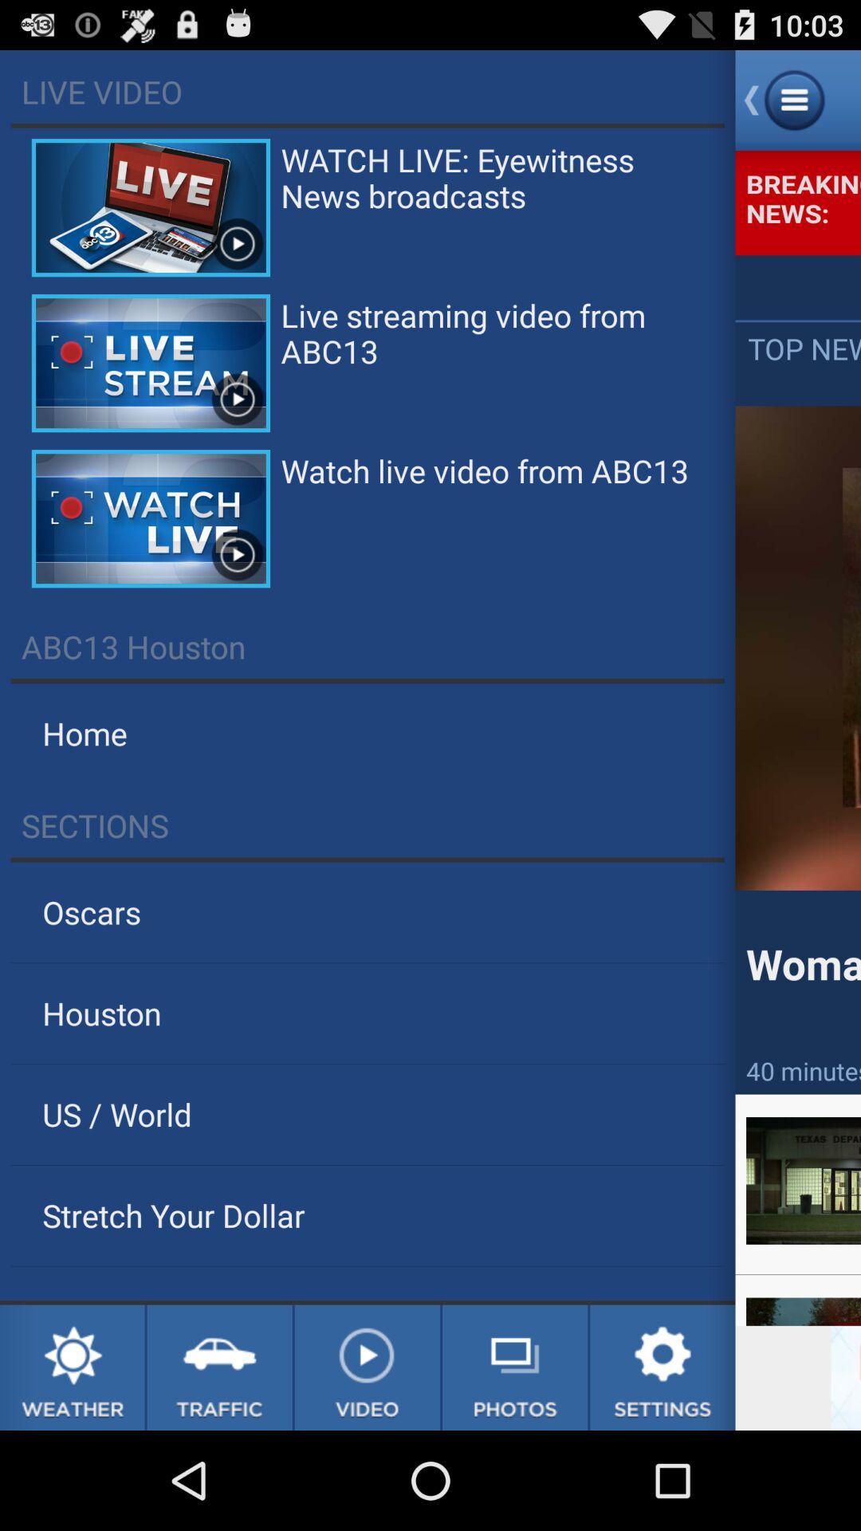 The height and width of the screenshot is (1531, 861). What do you see at coordinates (151, 207) in the screenshot?
I see `the first video of the page` at bounding box center [151, 207].